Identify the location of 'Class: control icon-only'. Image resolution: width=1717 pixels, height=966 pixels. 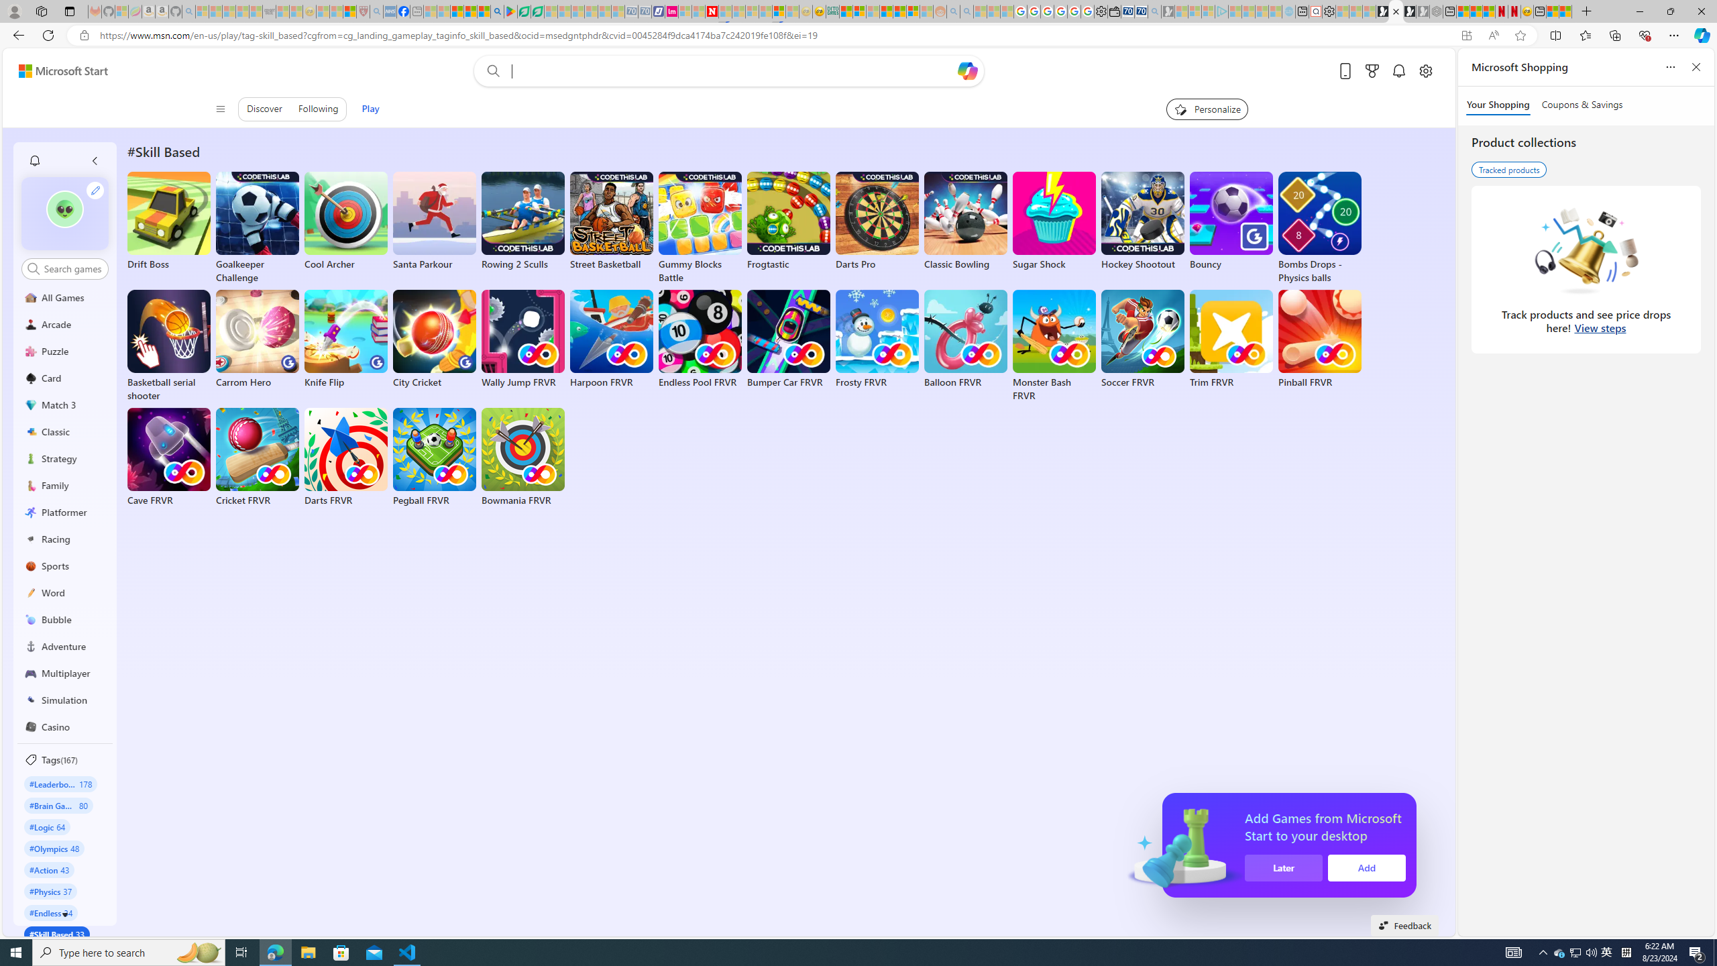
(219, 108).